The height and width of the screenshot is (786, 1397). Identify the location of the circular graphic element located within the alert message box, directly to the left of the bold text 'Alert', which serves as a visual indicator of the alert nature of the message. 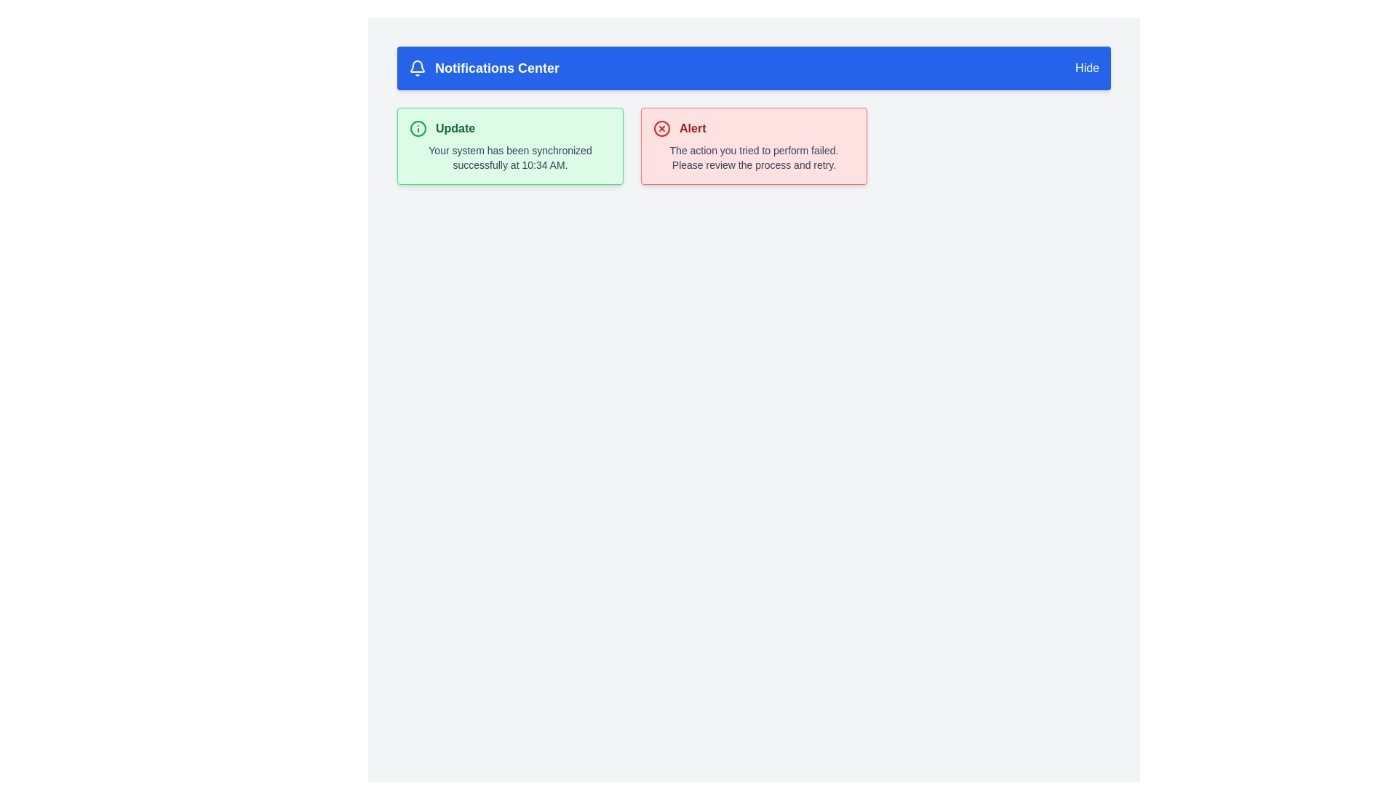
(661, 128).